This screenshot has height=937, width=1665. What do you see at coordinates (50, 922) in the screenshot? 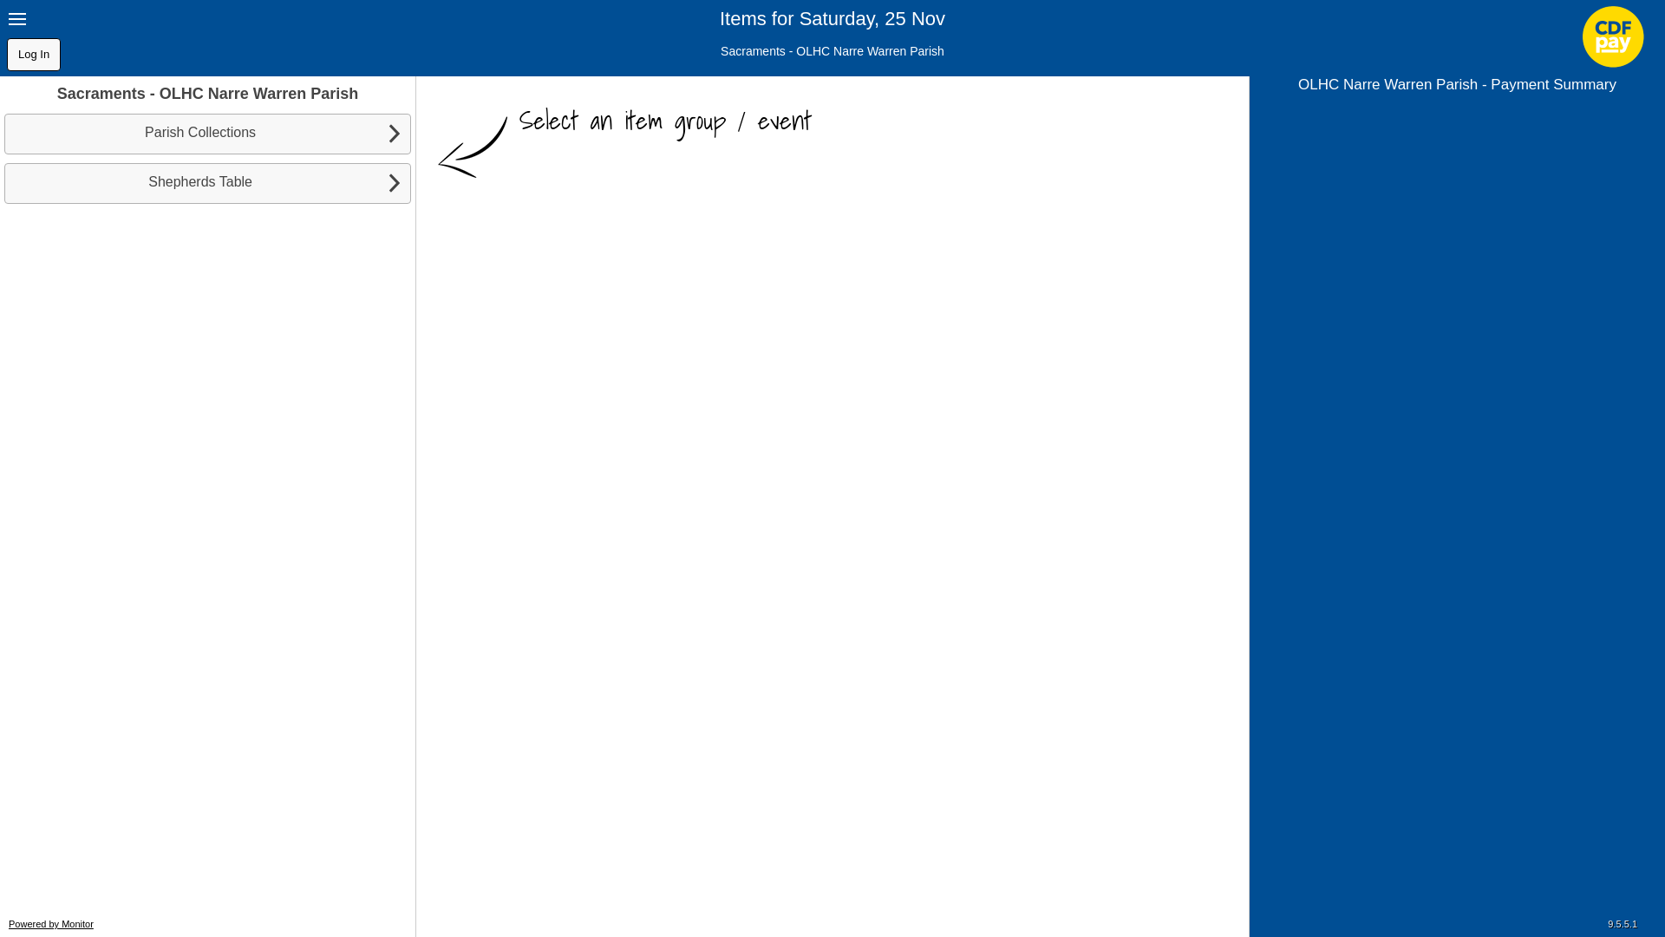
I see `'Powered by Monitor'` at bounding box center [50, 922].